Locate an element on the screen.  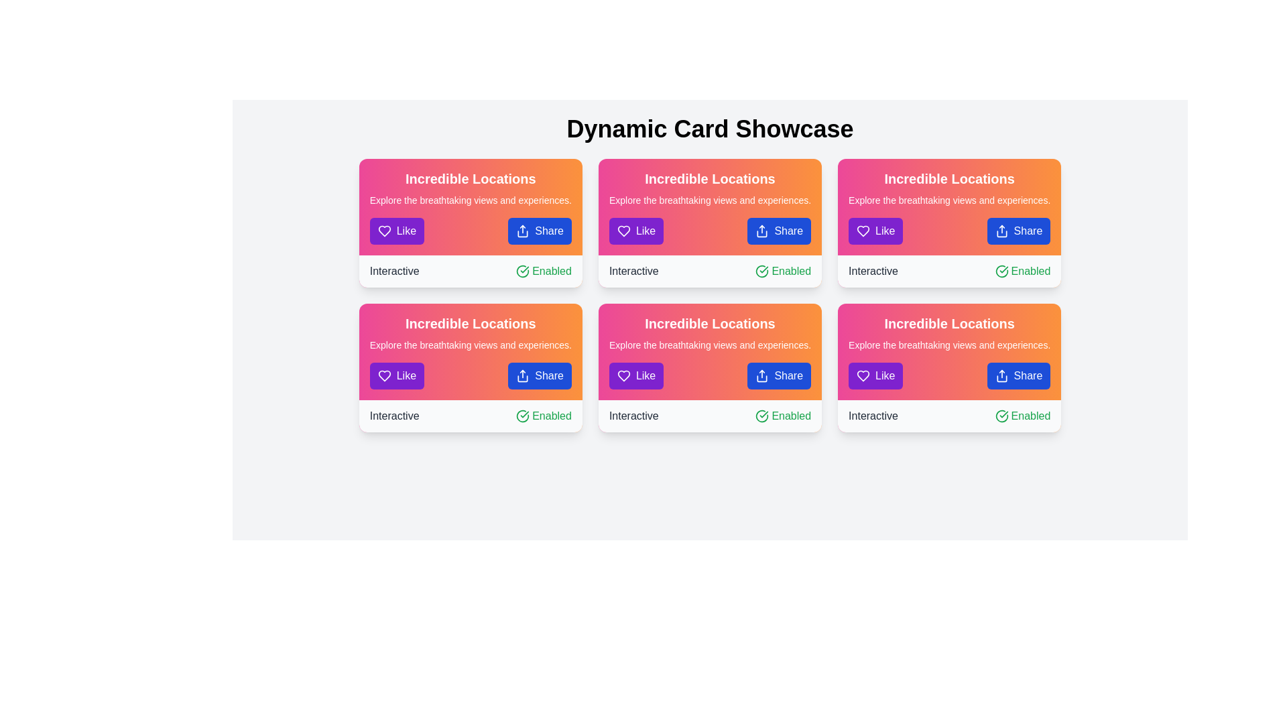
the Icon Button located to the left of the 'Share' text within the button in the bottom-right corner of the card layout is located at coordinates (762, 230).